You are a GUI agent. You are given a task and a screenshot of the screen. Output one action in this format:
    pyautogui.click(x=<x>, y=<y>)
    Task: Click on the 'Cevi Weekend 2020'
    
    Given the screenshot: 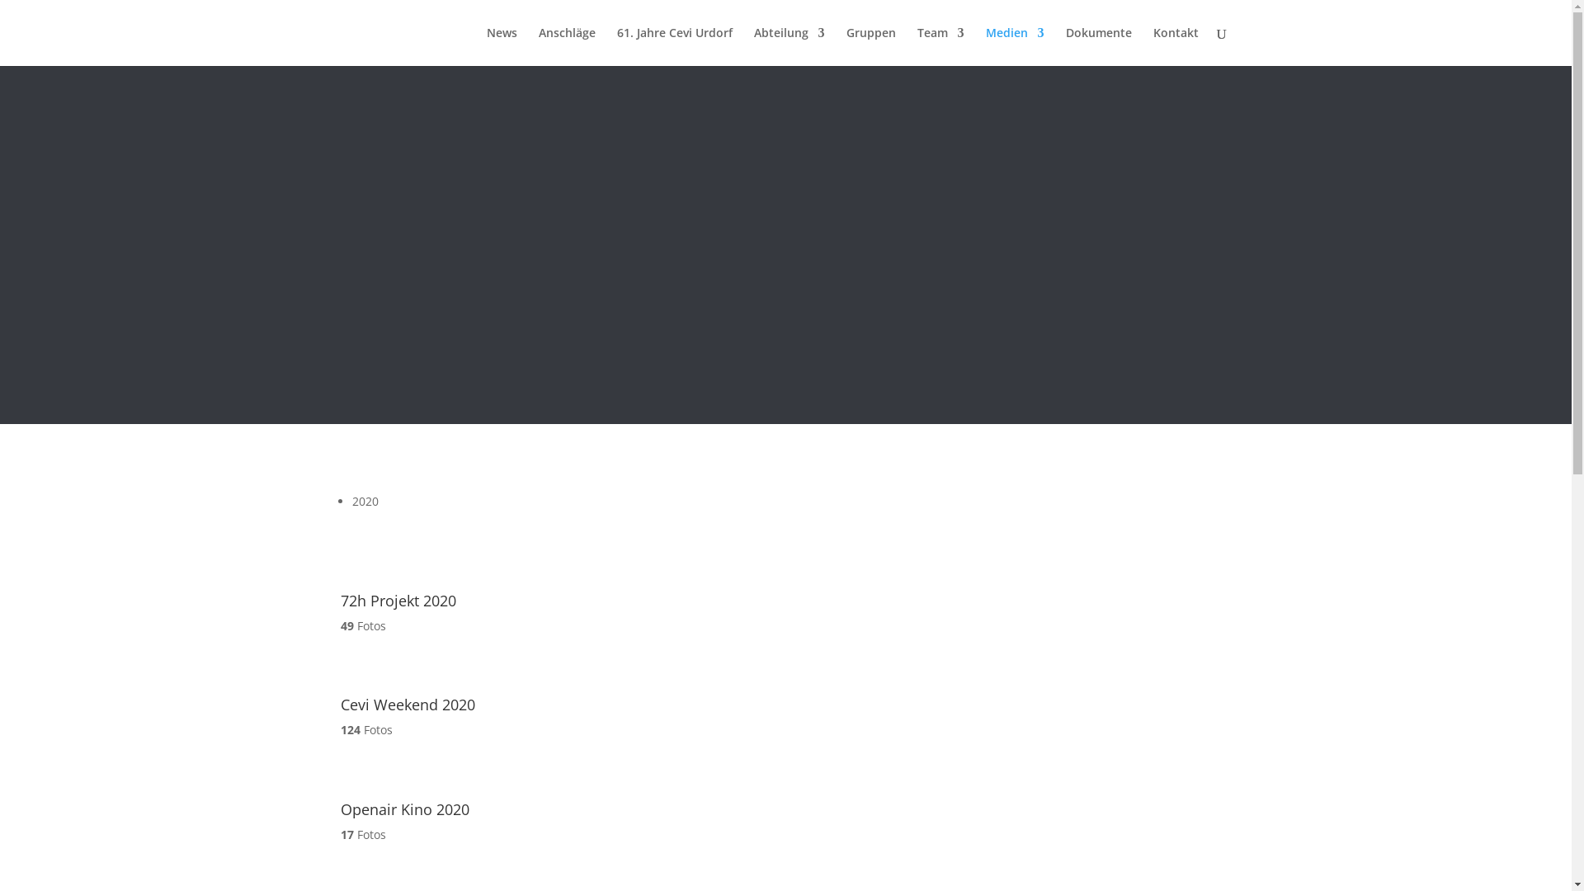 What is the action you would take?
    pyautogui.click(x=407, y=704)
    